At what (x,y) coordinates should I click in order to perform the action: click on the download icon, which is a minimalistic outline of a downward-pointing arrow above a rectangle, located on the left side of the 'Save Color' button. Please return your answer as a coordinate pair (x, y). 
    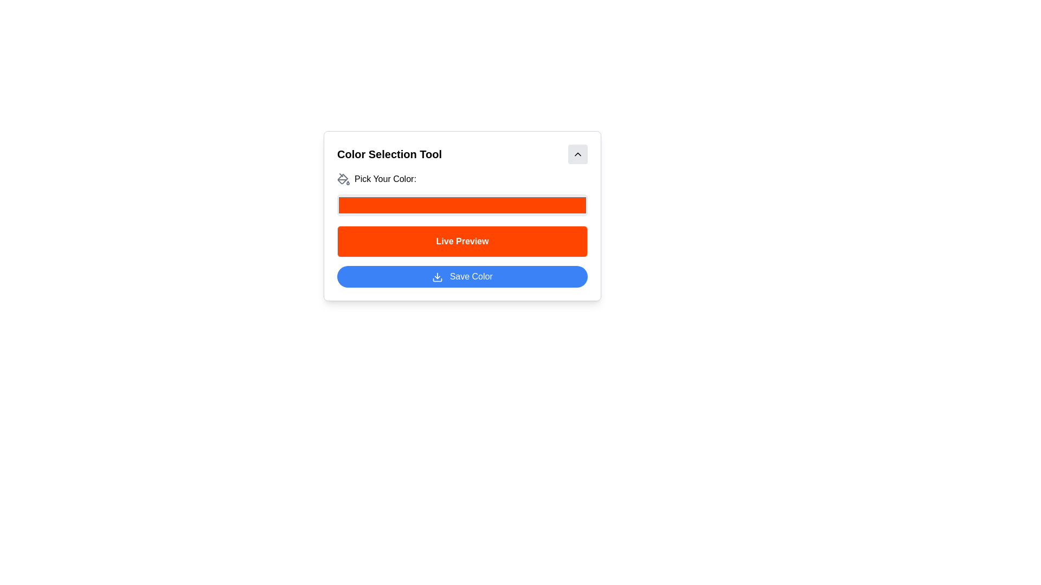
    Looking at the image, I should click on (438, 276).